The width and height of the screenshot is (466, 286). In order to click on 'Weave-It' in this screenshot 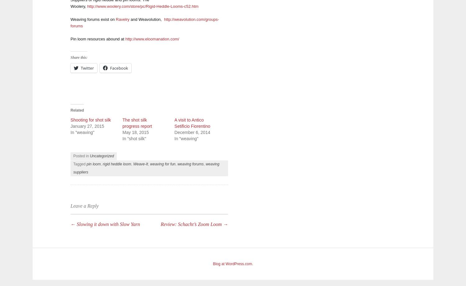, I will do `click(140, 164)`.